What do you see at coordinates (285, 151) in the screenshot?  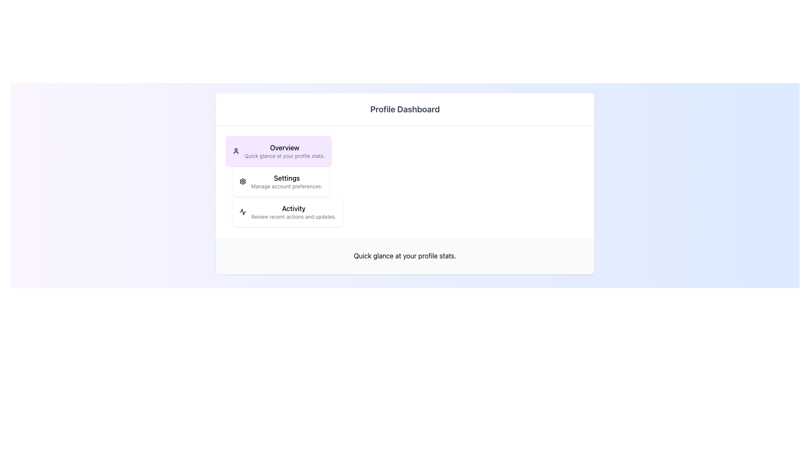 I see `the text display element that provides an overview of the user's profile statistics in the sidebar of the 'Profile Dashboard', located above the 'Settings' and 'Activity' sections` at bounding box center [285, 151].